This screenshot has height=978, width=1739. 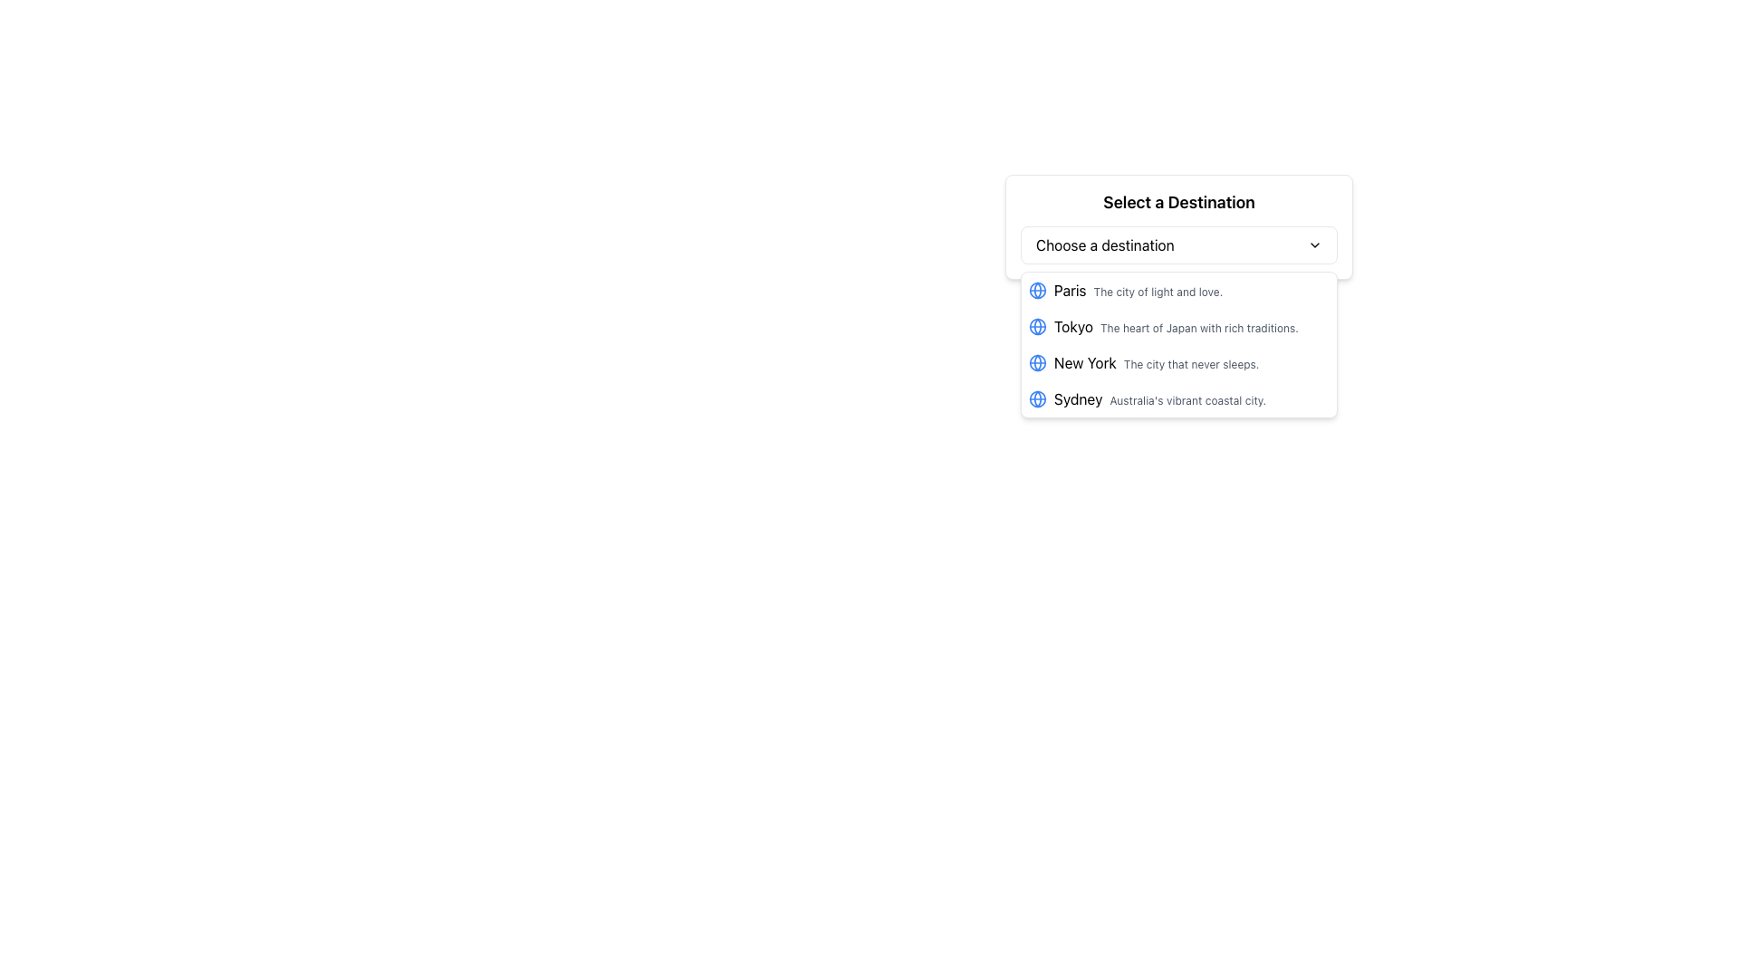 What do you see at coordinates (1178, 327) in the screenshot?
I see `the selectable option for 'Tokyo' in the dropdown menu` at bounding box center [1178, 327].